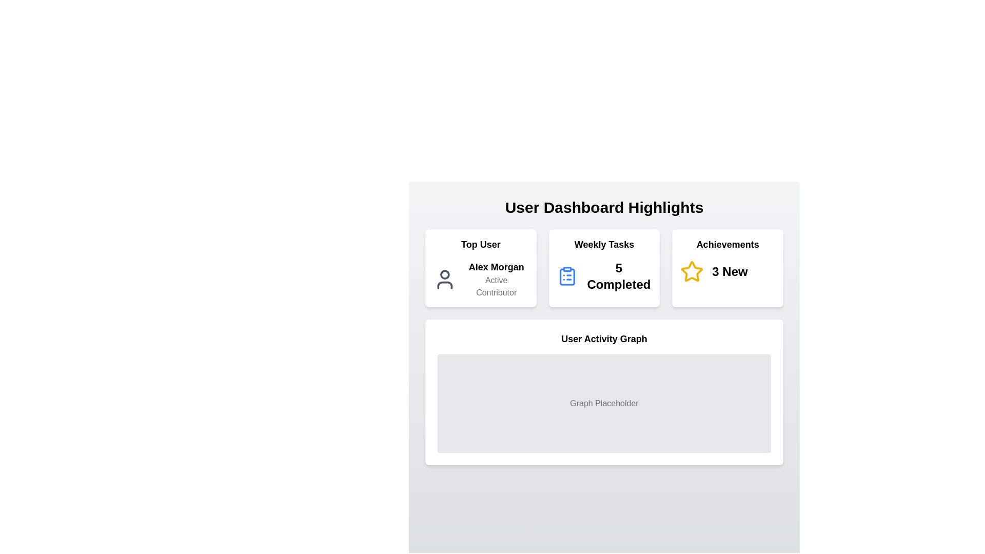 The height and width of the screenshot is (554, 985). Describe the element at coordinates (727, 245) in the screenshot. I see `the Text Label that serves as a header for the achievements card located at the top of the white card on the right-hand side in the 'User Dashboard Highlights' section, positioned above the star icon and the text '3 New'` at that location.